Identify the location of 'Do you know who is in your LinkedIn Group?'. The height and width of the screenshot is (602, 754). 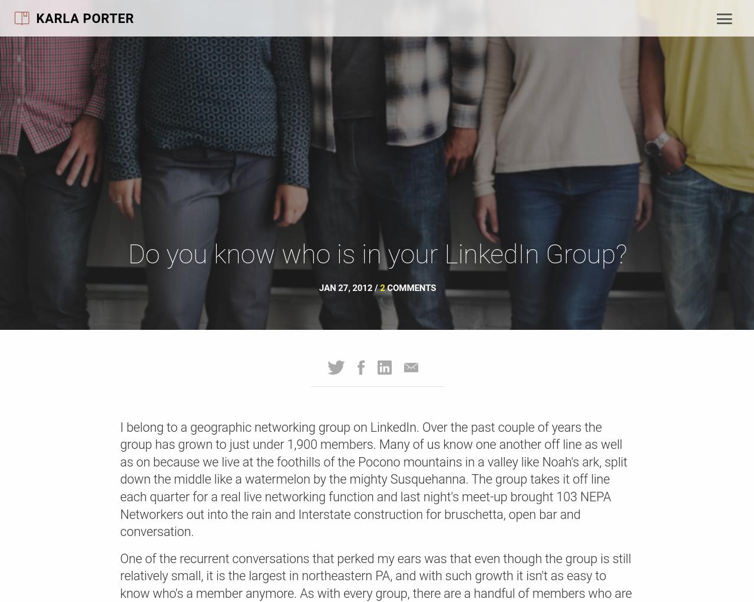
(127, 253).